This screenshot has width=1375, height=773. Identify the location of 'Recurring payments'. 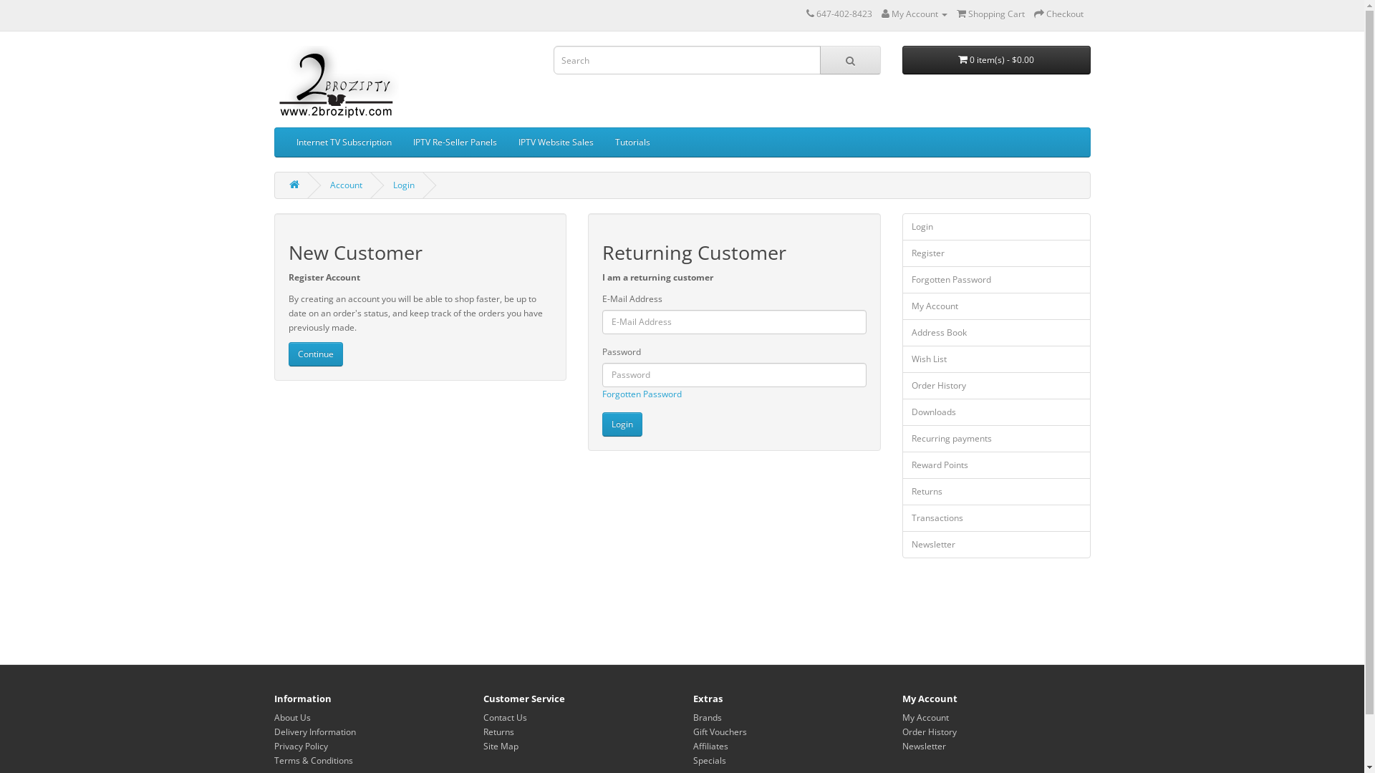
(901, 438).